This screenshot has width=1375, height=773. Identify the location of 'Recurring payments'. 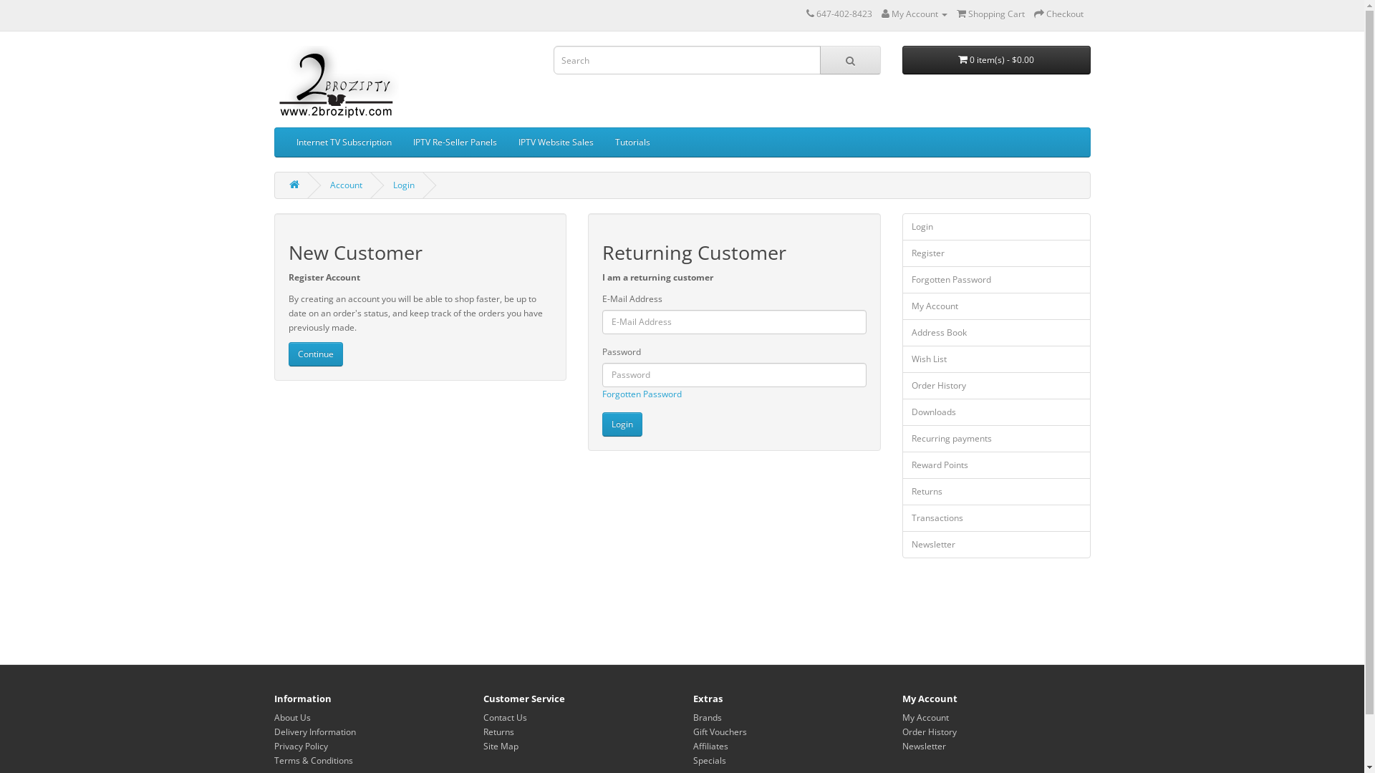
(901, 438).